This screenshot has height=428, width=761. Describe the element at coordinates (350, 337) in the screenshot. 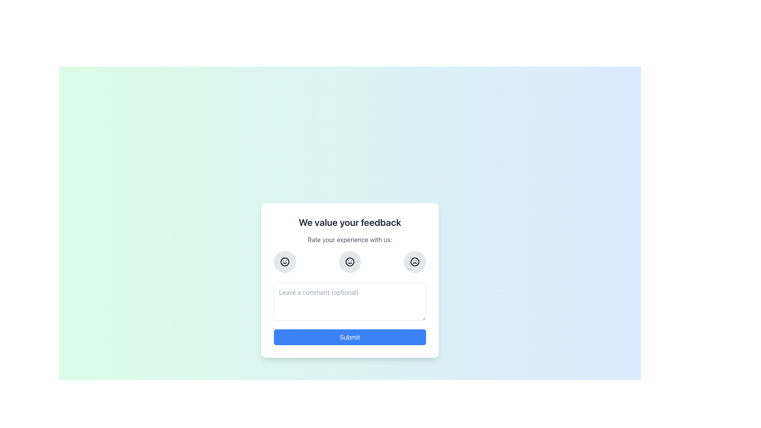

I see `the 'Submit' button, which is a rounded button with white text on a blue background, located at the bottom of the panel` at that location.